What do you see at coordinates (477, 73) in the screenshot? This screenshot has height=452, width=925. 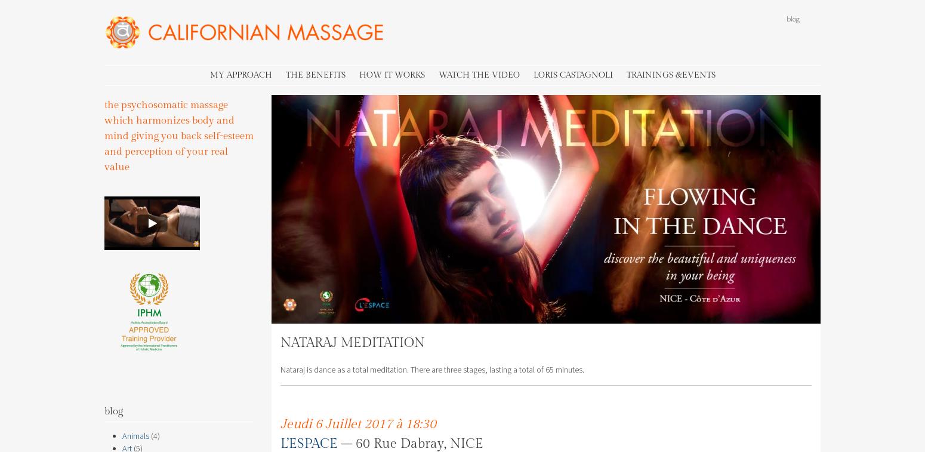 I see `'WATCH THE VIDEO'` at bounding box center [477, 73].